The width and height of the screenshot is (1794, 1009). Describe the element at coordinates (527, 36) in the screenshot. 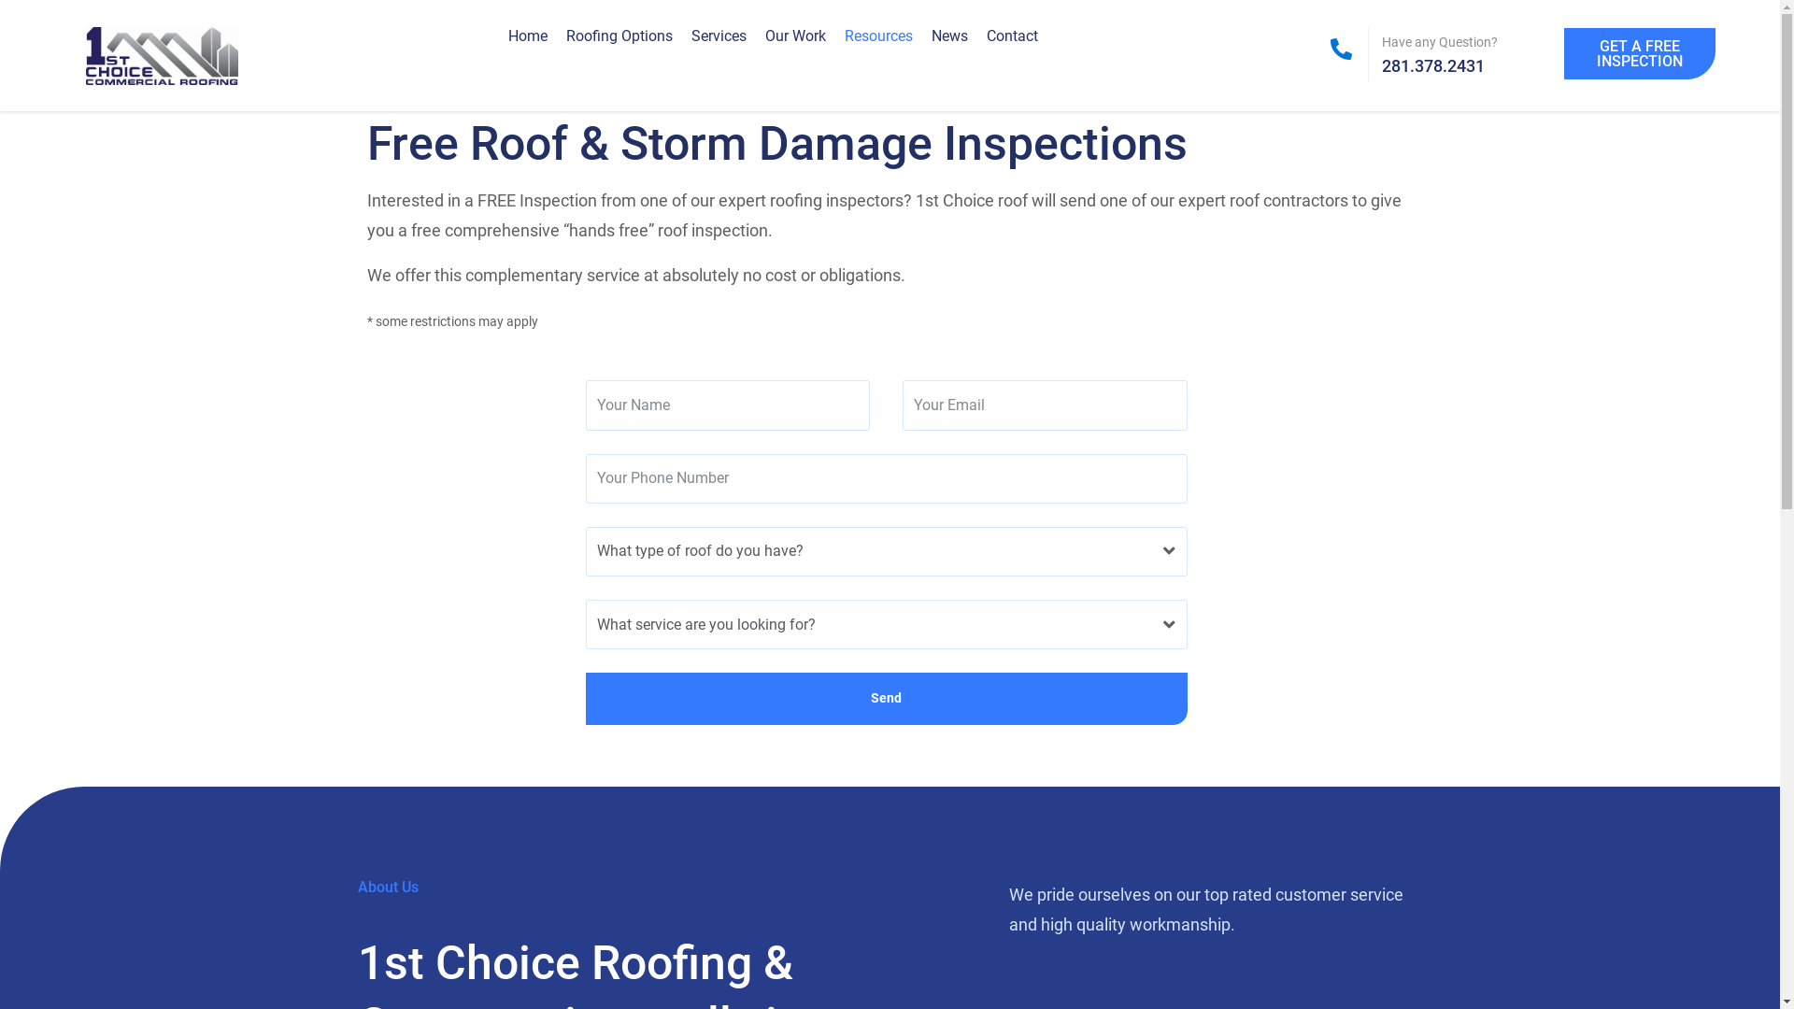

I see `'Home'` at that location.